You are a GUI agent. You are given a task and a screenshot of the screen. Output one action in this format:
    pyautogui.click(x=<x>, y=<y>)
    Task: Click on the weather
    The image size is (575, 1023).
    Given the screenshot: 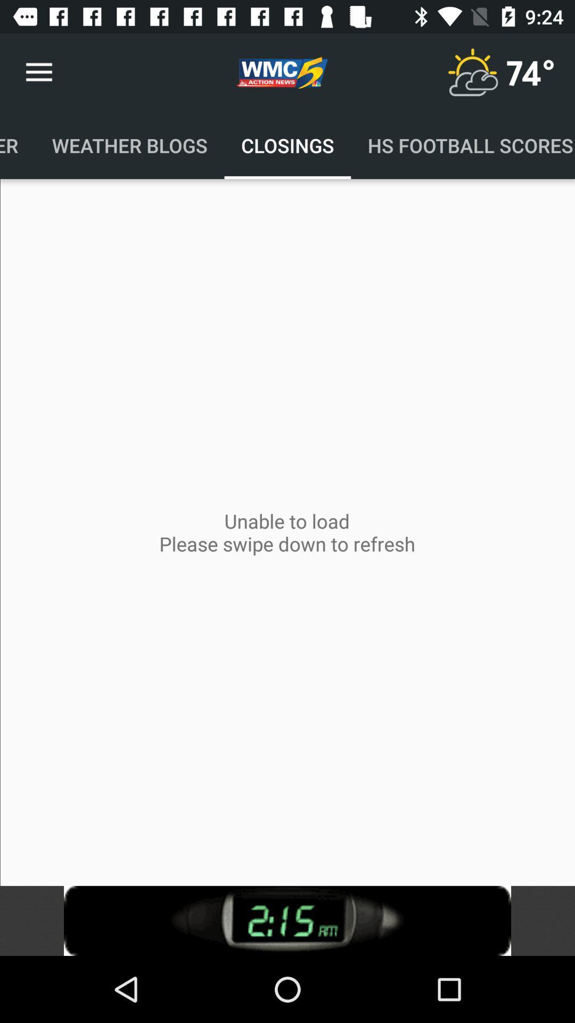 What is the action you would take?
    pyautogui.click(x=472, y=72)
    